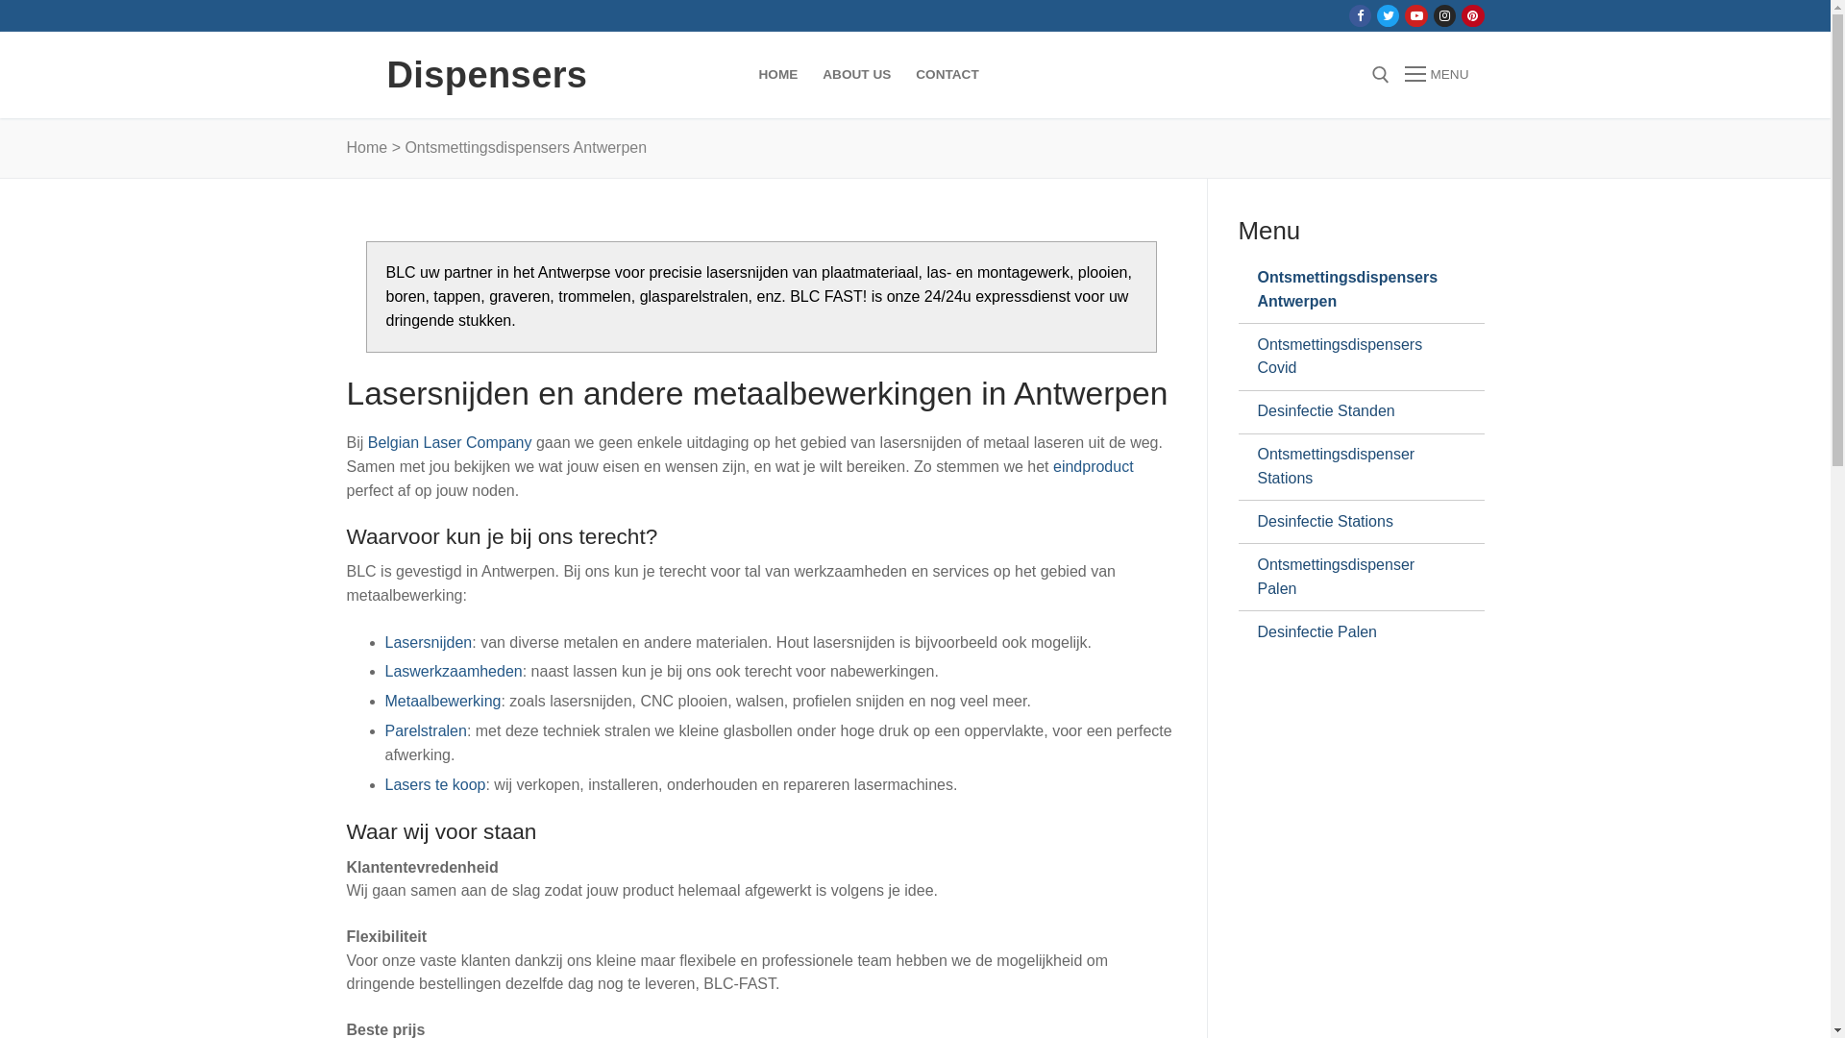 Image resolution: width=1845 pixels, height=1038 pixels. I want to click on 'Dispensers', so click(486, 73).